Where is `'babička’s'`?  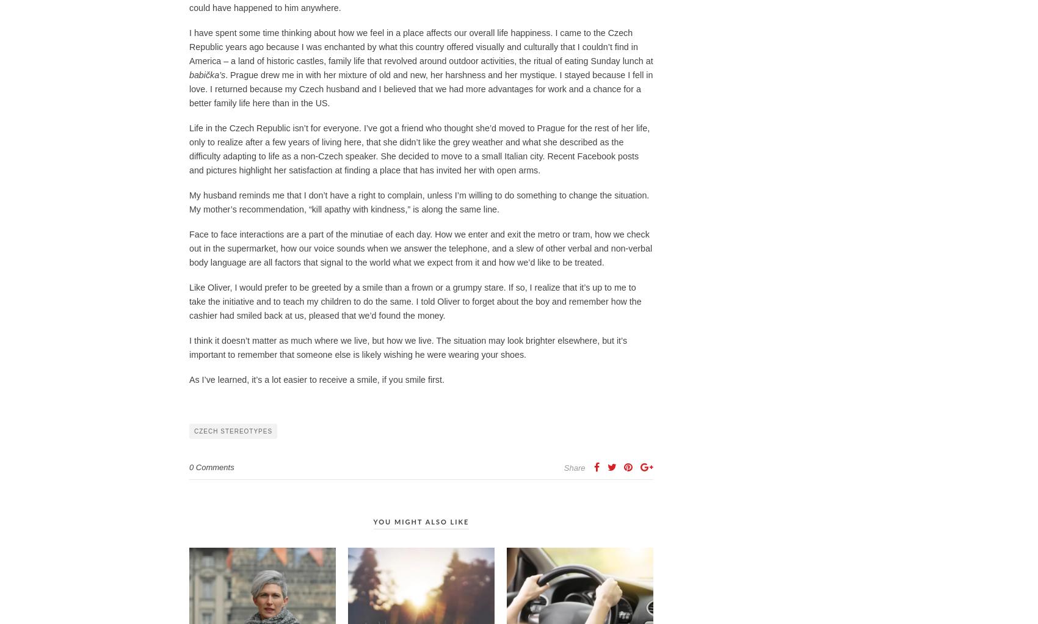
'babička’s' is located at coordinates (189, 74).